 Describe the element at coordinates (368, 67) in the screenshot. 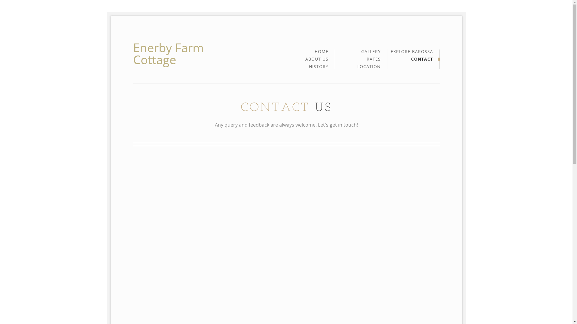

I see `'LOCATION'` at that location.